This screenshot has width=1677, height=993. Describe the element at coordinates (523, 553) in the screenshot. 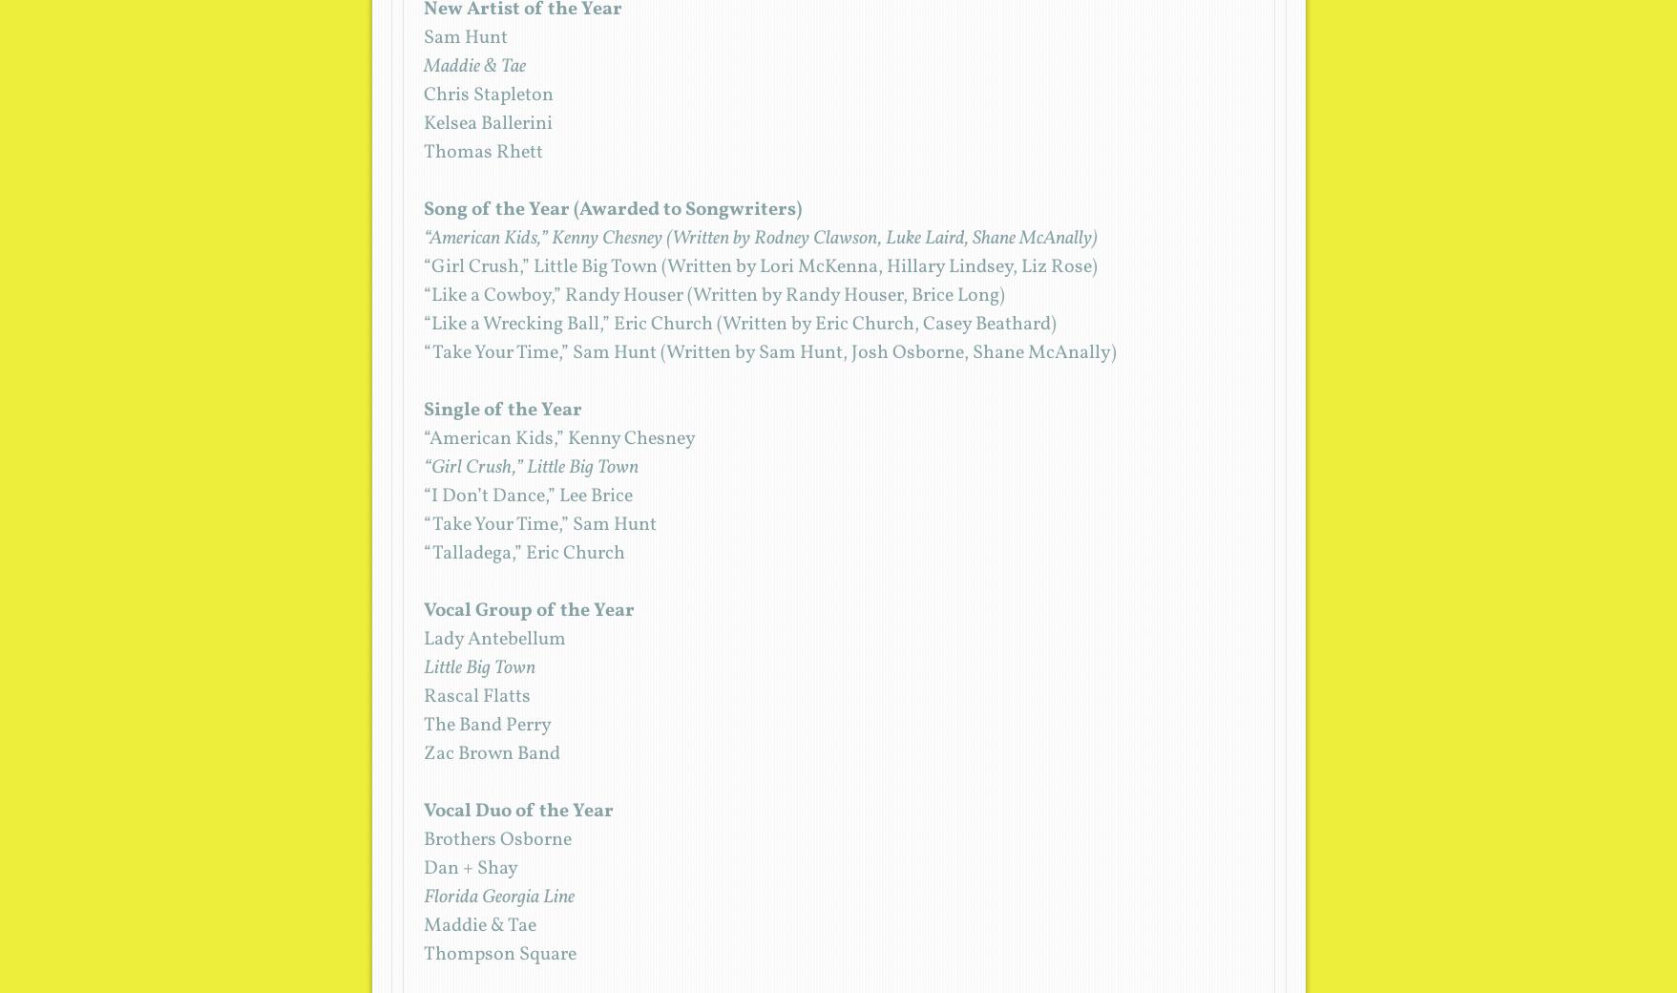

I see `'“Talladega,” Eric Church'` at that location.